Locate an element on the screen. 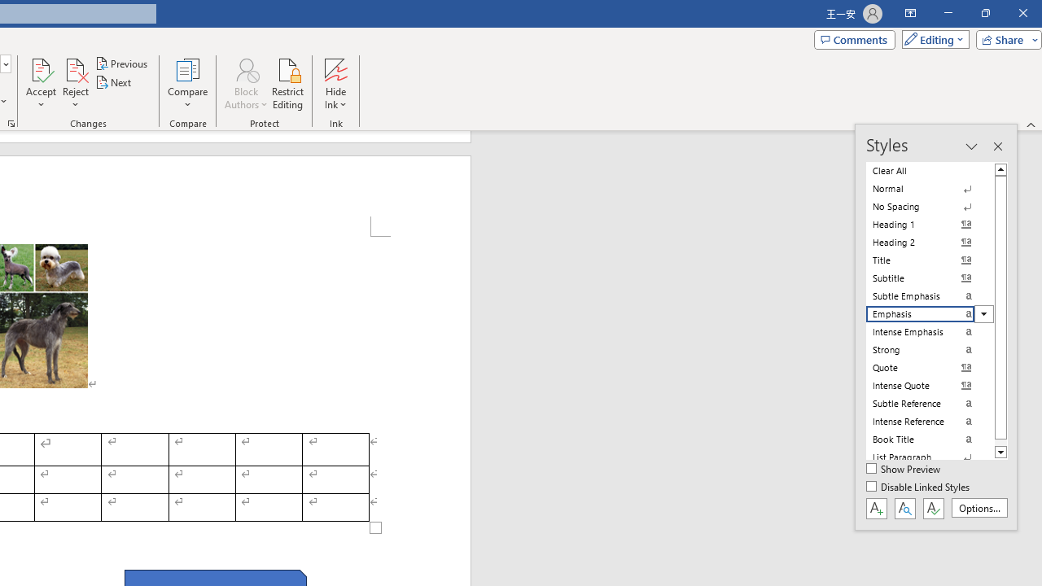 Image resolution: width=1042 pixels, height=586 pixels. 'Subtle Emphasis' is located at coordinates (930, 295).